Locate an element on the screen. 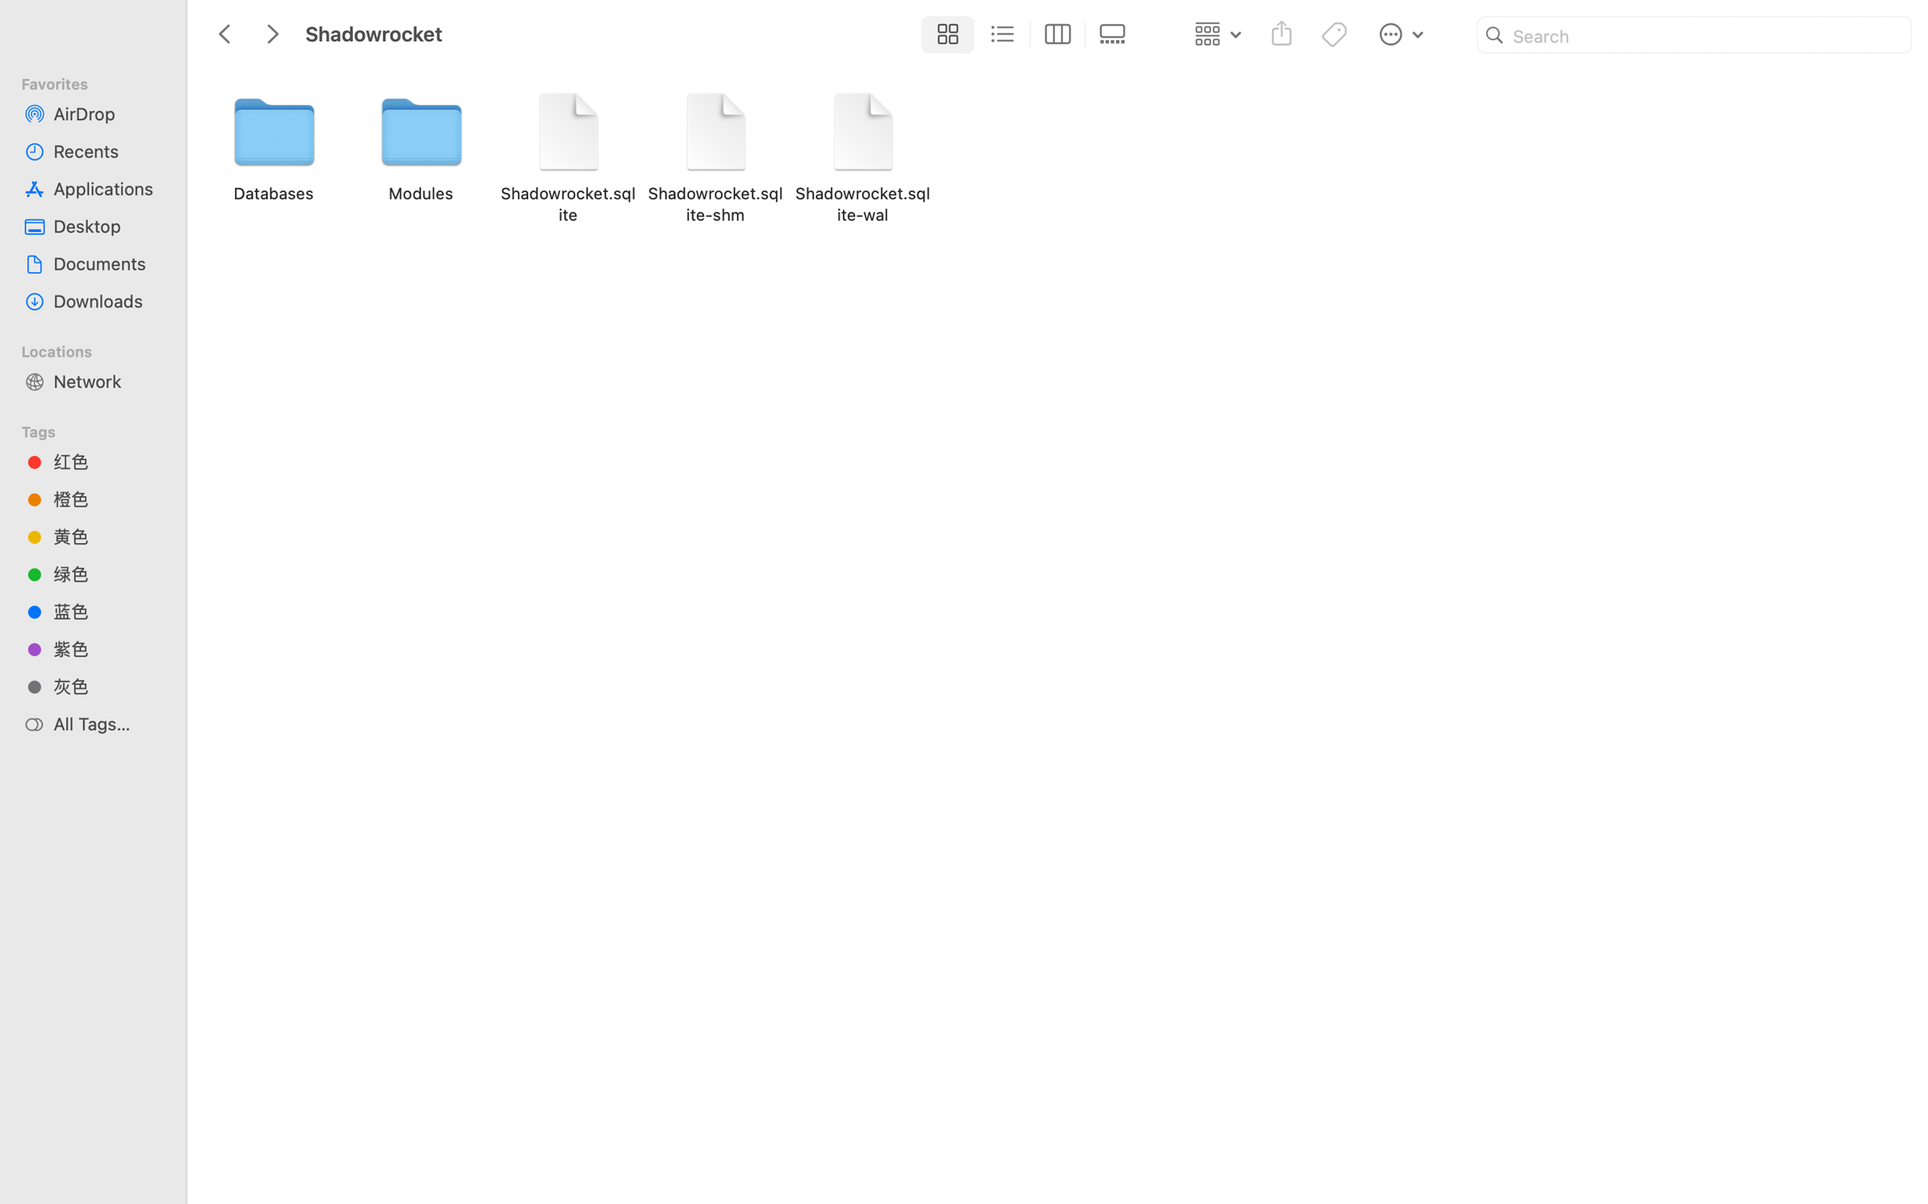  '绿色' is located at coordinates (107, 574).